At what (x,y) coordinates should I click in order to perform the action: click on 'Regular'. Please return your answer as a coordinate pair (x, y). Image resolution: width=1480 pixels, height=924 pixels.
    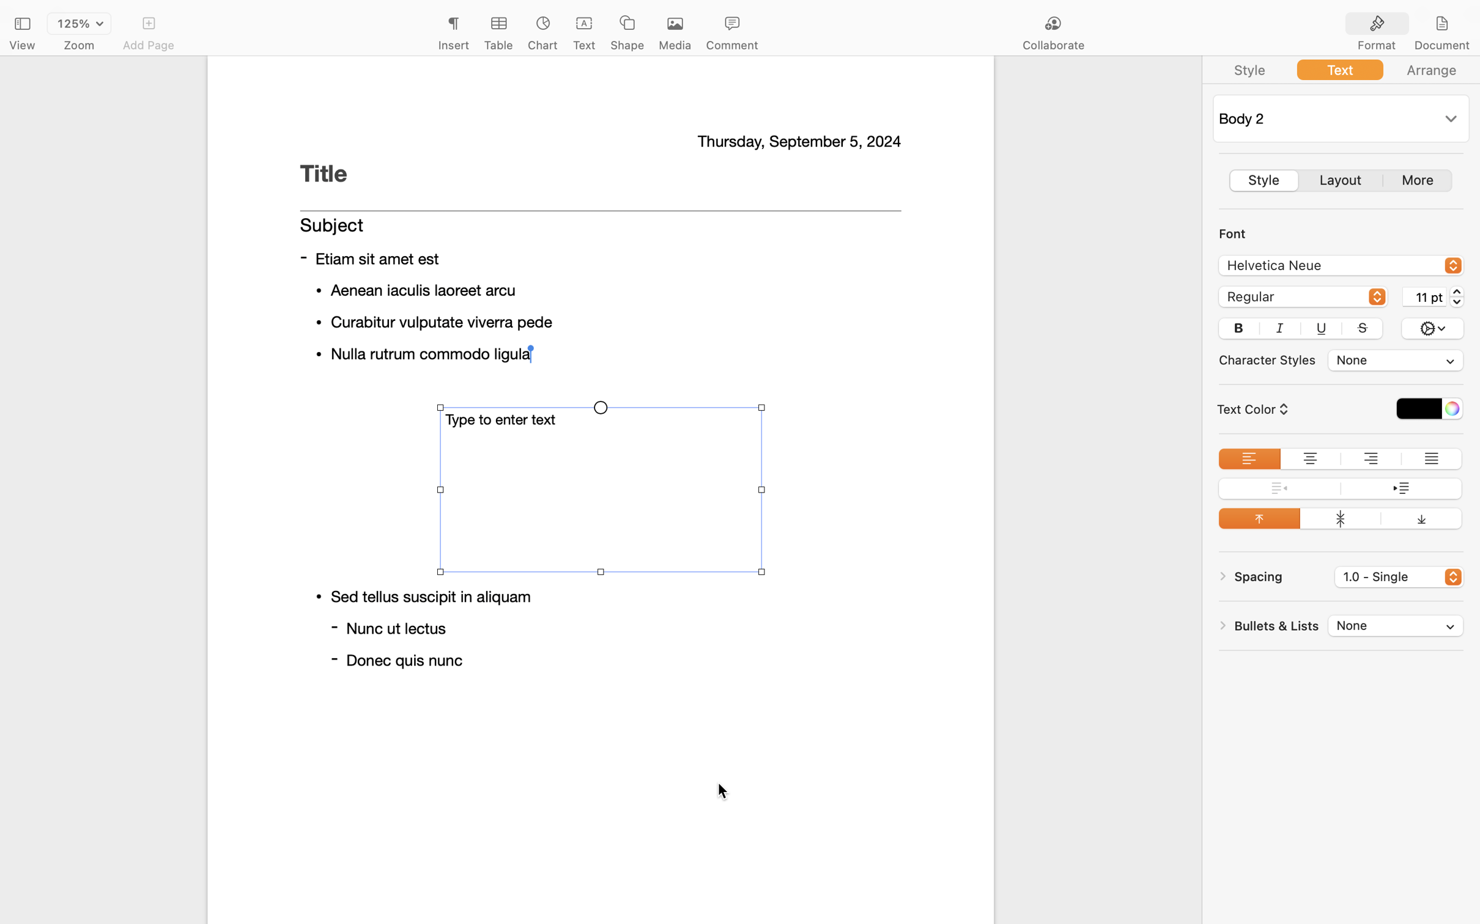
    Looking at the image, I should click on (1303, 298).